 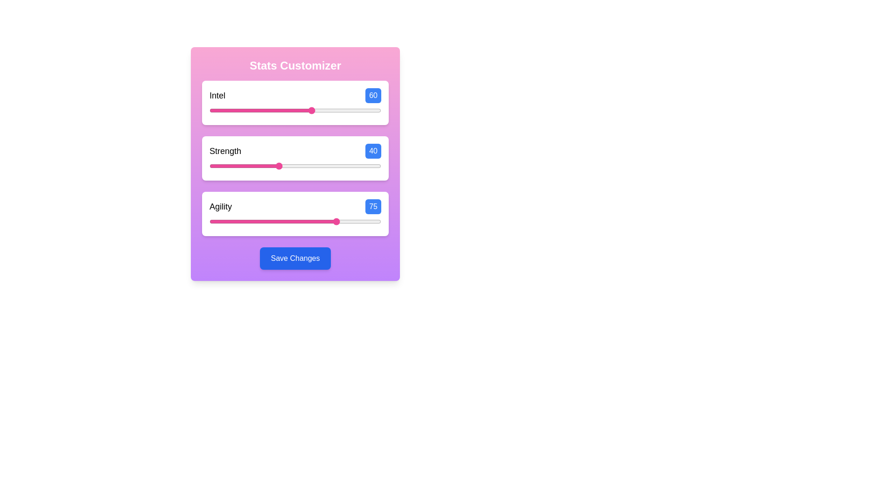 What do you see at coordinates (369, 110) in the screenshot?
I see `the slider` at bounding box center [369, 110].